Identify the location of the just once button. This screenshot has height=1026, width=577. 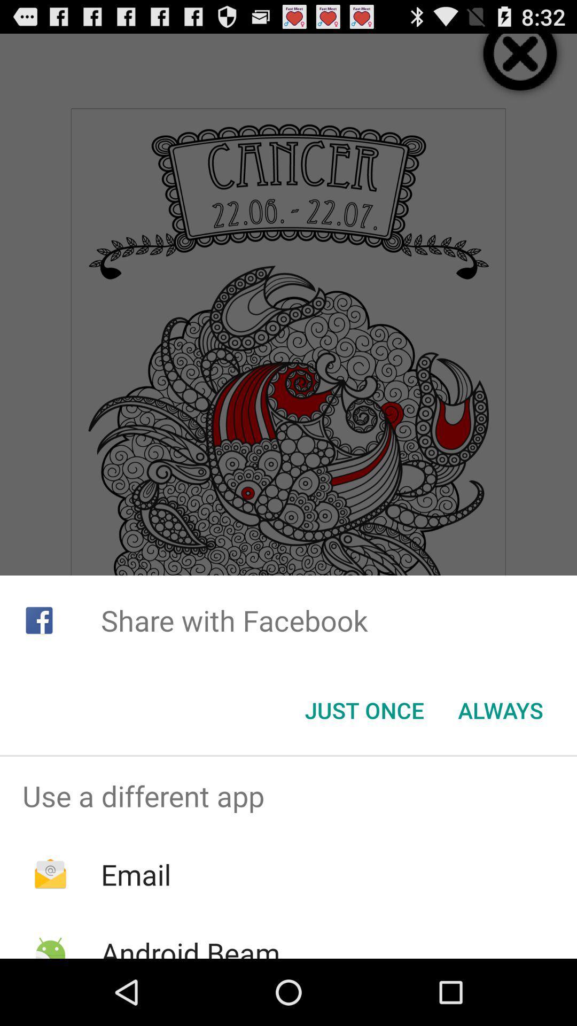
(364, 710).